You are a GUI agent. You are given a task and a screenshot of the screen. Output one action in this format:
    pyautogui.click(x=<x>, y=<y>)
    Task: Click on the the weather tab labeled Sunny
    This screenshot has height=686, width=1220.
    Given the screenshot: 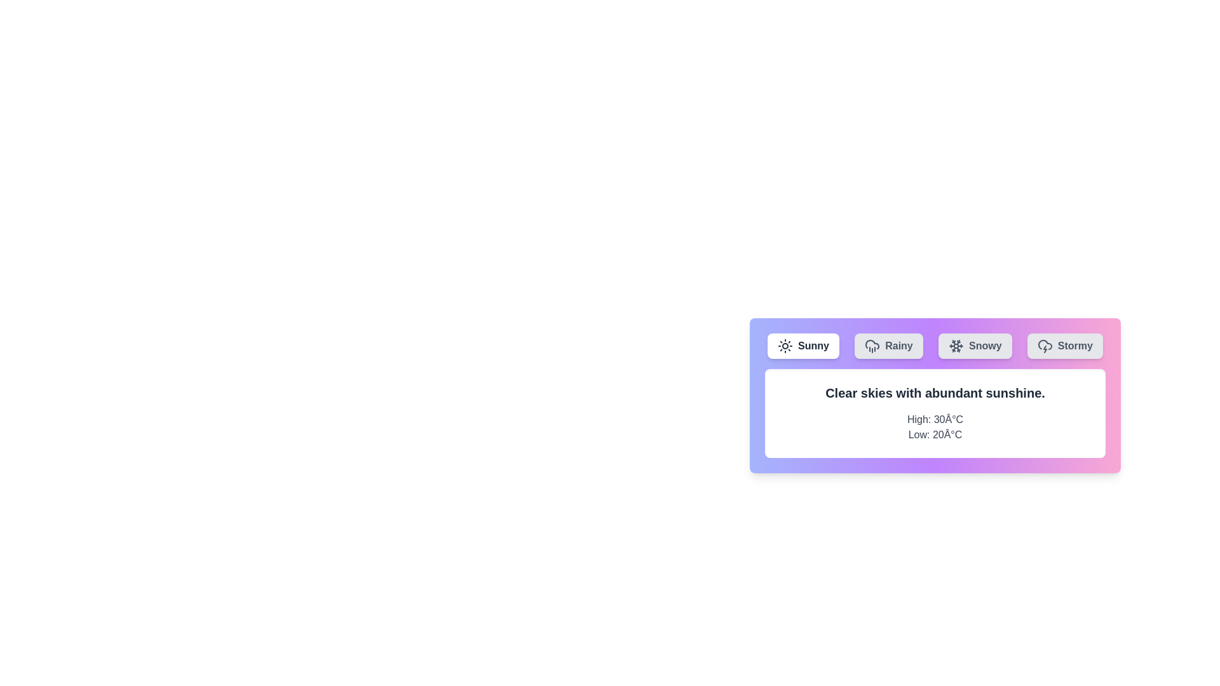 What is the action you would take?
    pyautogui.click(x=803, y=346)
    